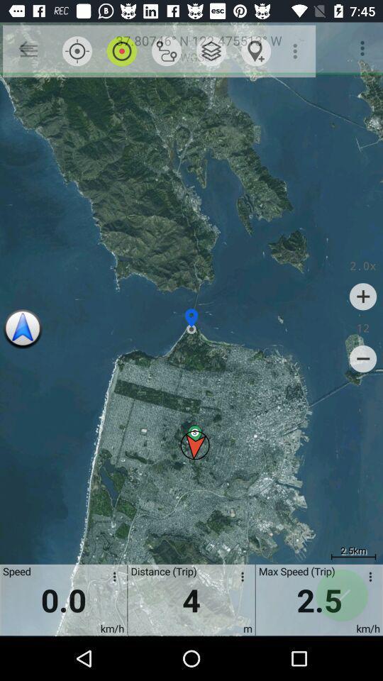 The height and width of the screenshot is (681, 383). What do you see at coordinates (363, 358) in the screenshot?
I see `the icon below 12 item` at bounding box center [363, 358].